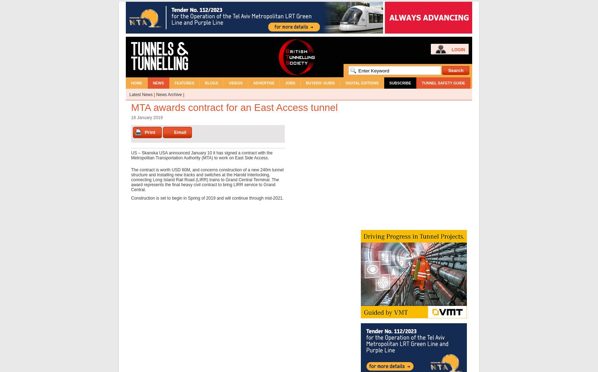 Image resolution: width=598 pixels, height=372 pixels. What do you see at coordinates (168, 94) in the screenshot?
I see `'News Archive'` at bounding box center [168, 94].